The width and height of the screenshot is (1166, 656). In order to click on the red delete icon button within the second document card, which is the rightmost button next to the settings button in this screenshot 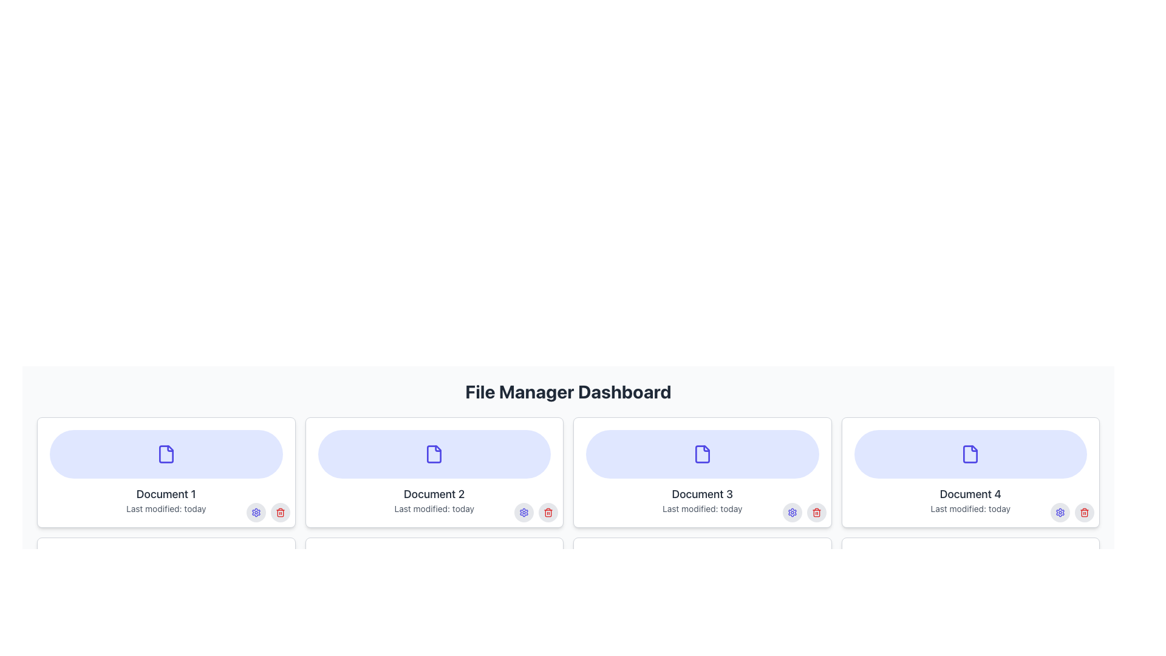, I will do `click(547, 632)`.